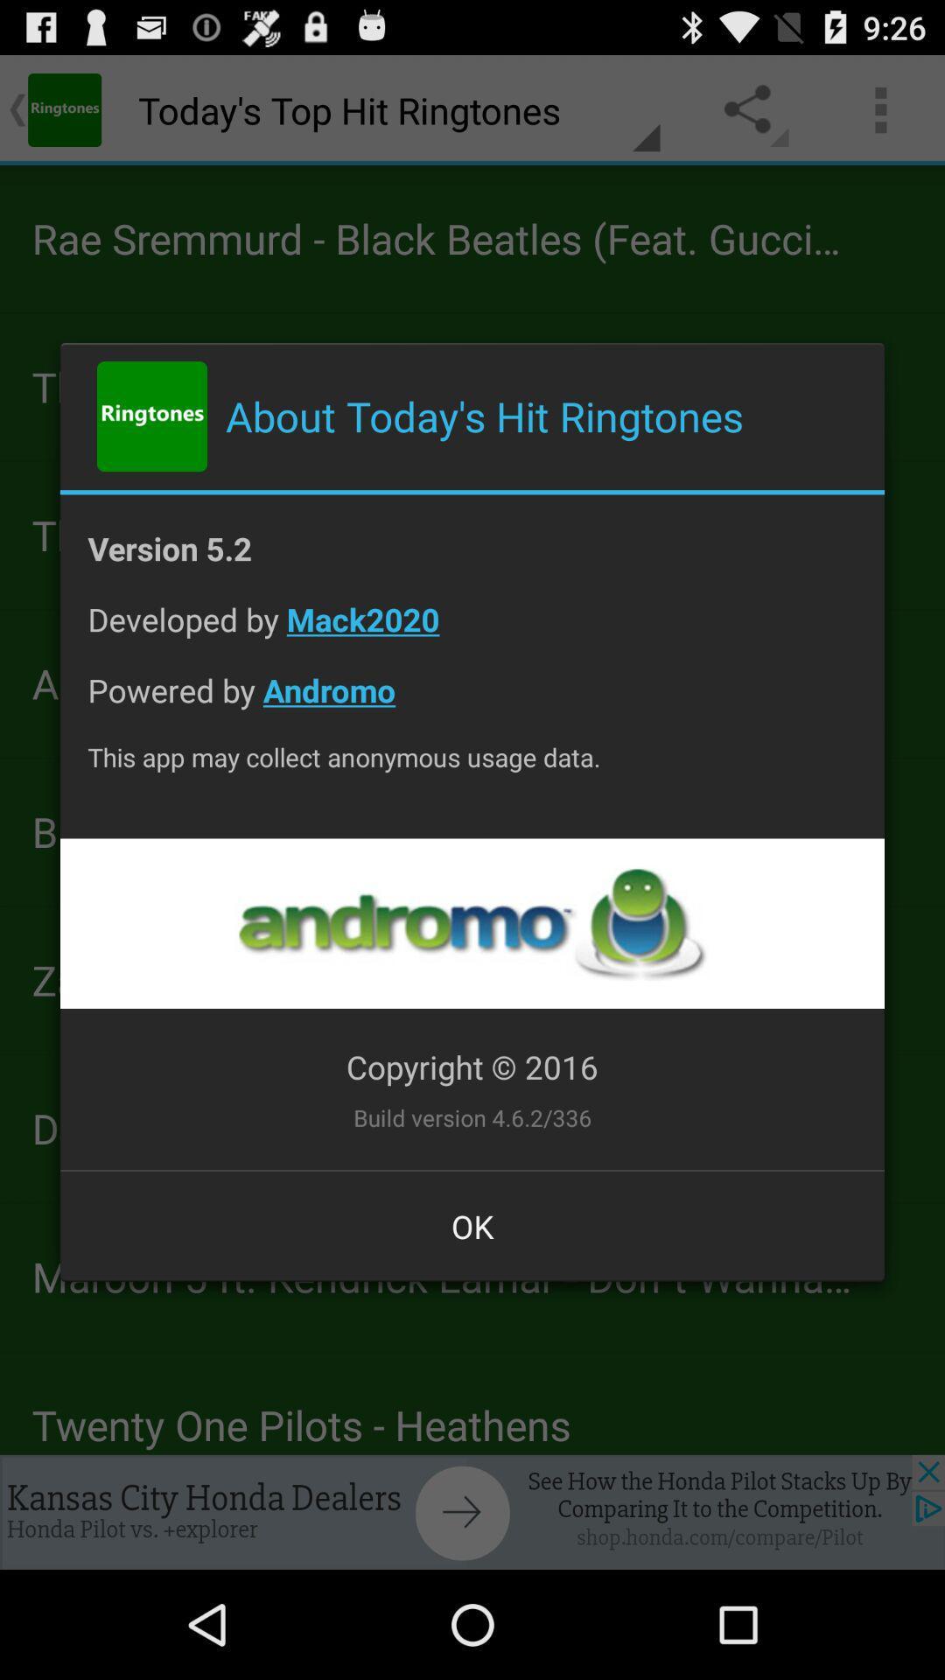 The width and height of the screenshot is (945, 1680). I want to click on app below this app may item, so click(471, 922).